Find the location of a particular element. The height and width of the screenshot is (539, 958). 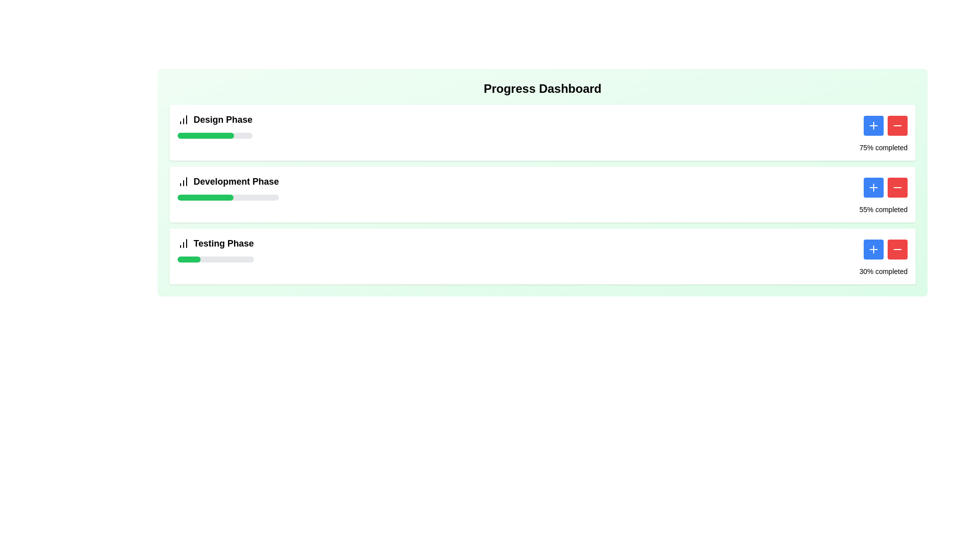

the 'Development Phase' text label with an icon that indicates progress, which is the second item in a vertical list of phases, positioned below 'Design Phase' is located at coordinates (228, 181).